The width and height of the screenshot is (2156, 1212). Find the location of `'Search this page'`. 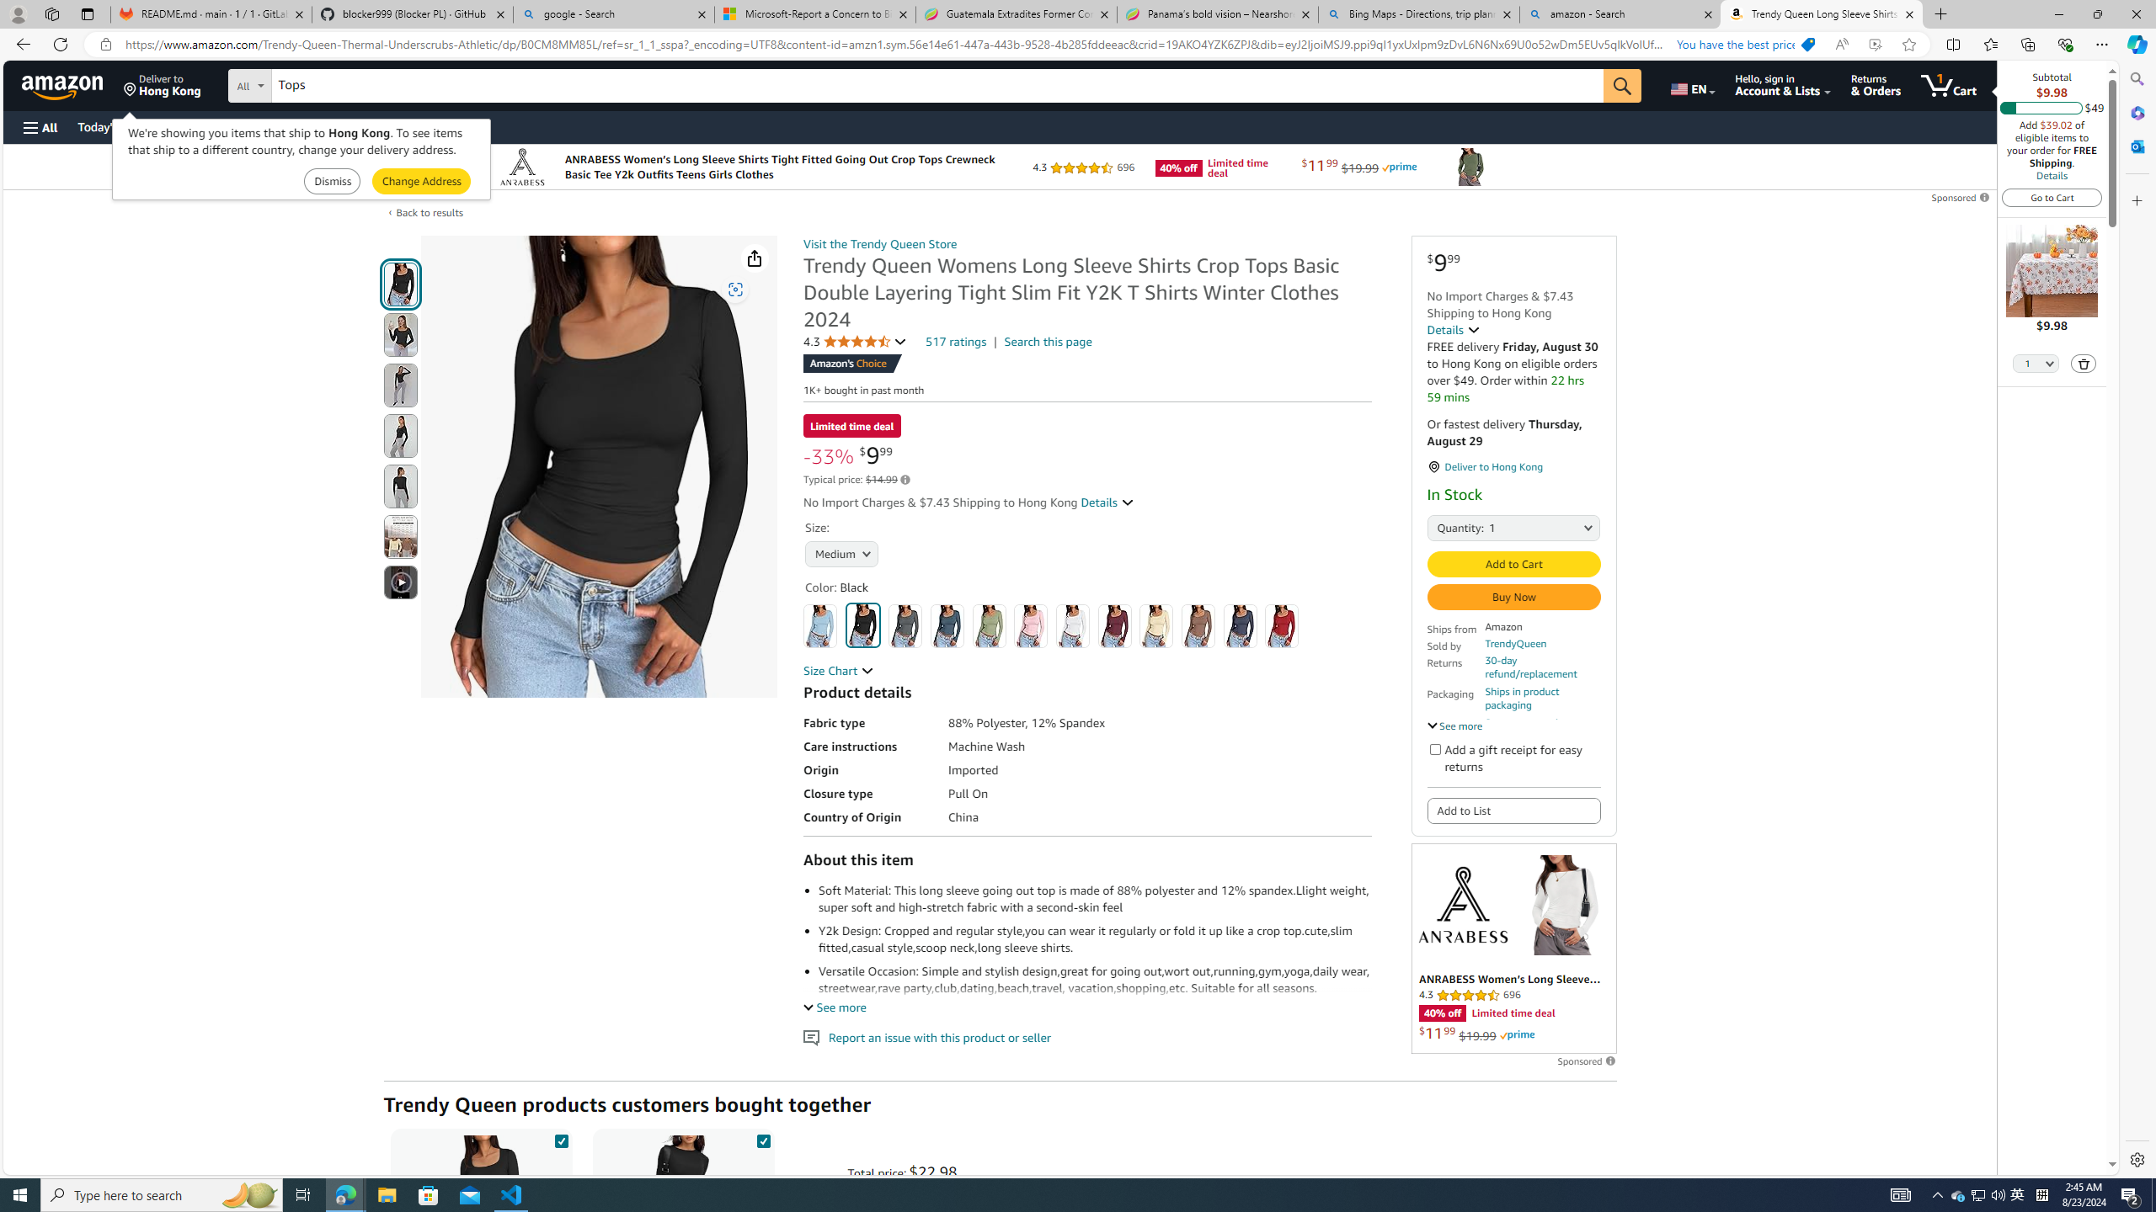

'Search this page' is located at coordinates (1048, 341).